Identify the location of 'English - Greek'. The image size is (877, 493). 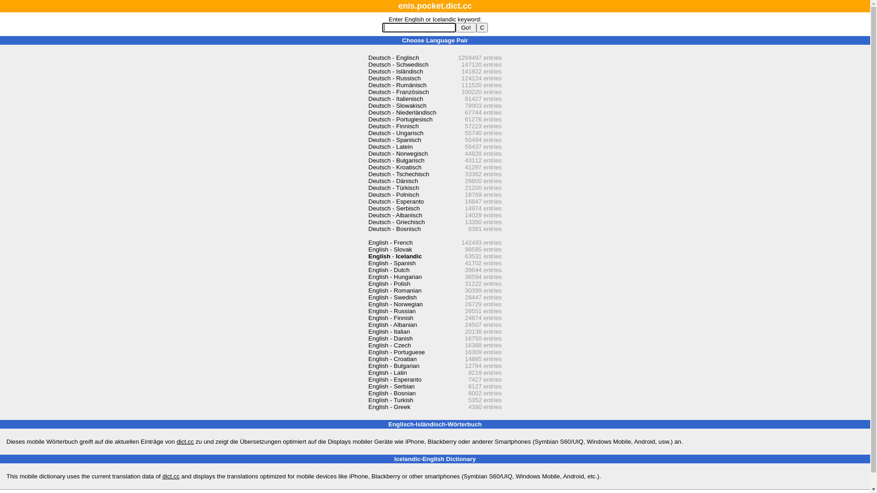
(389, 406).